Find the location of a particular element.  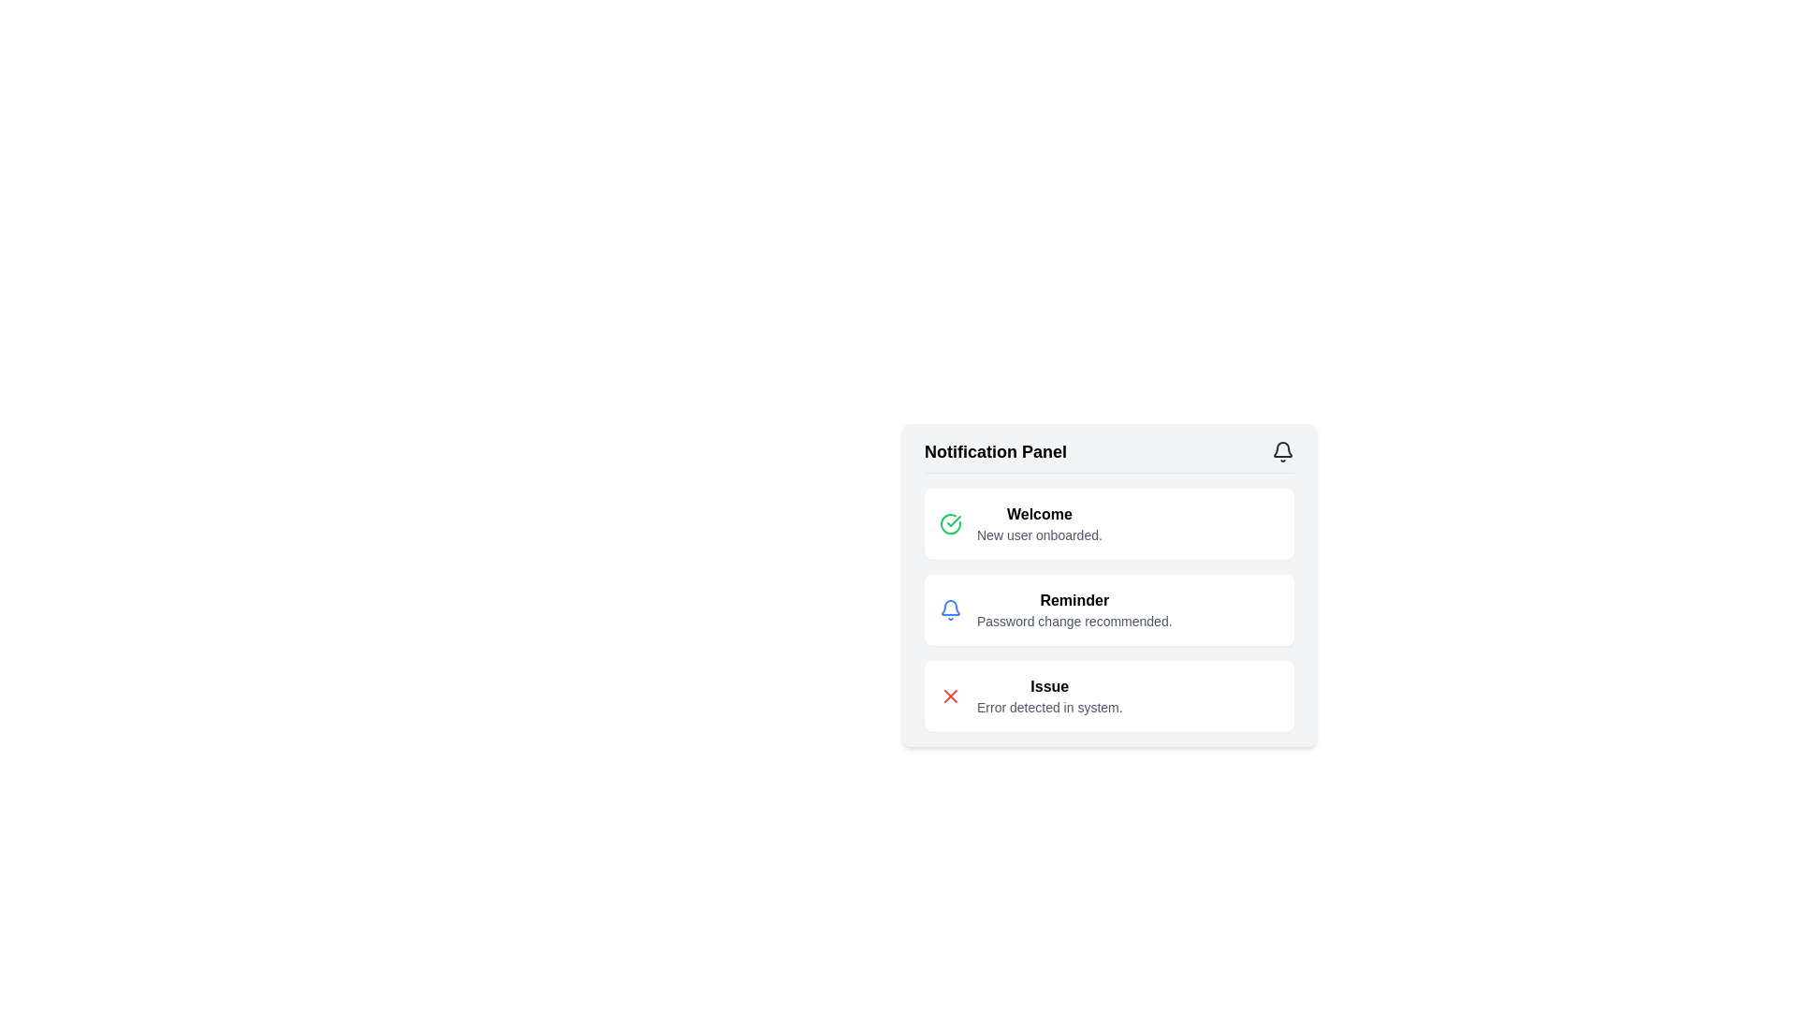

the circular icon with a green border that indicates a confirmation or success message, positioned within the left section of the 'Welcome' notification item in the 'Notification Panel' is located at coordinates (951, 523).